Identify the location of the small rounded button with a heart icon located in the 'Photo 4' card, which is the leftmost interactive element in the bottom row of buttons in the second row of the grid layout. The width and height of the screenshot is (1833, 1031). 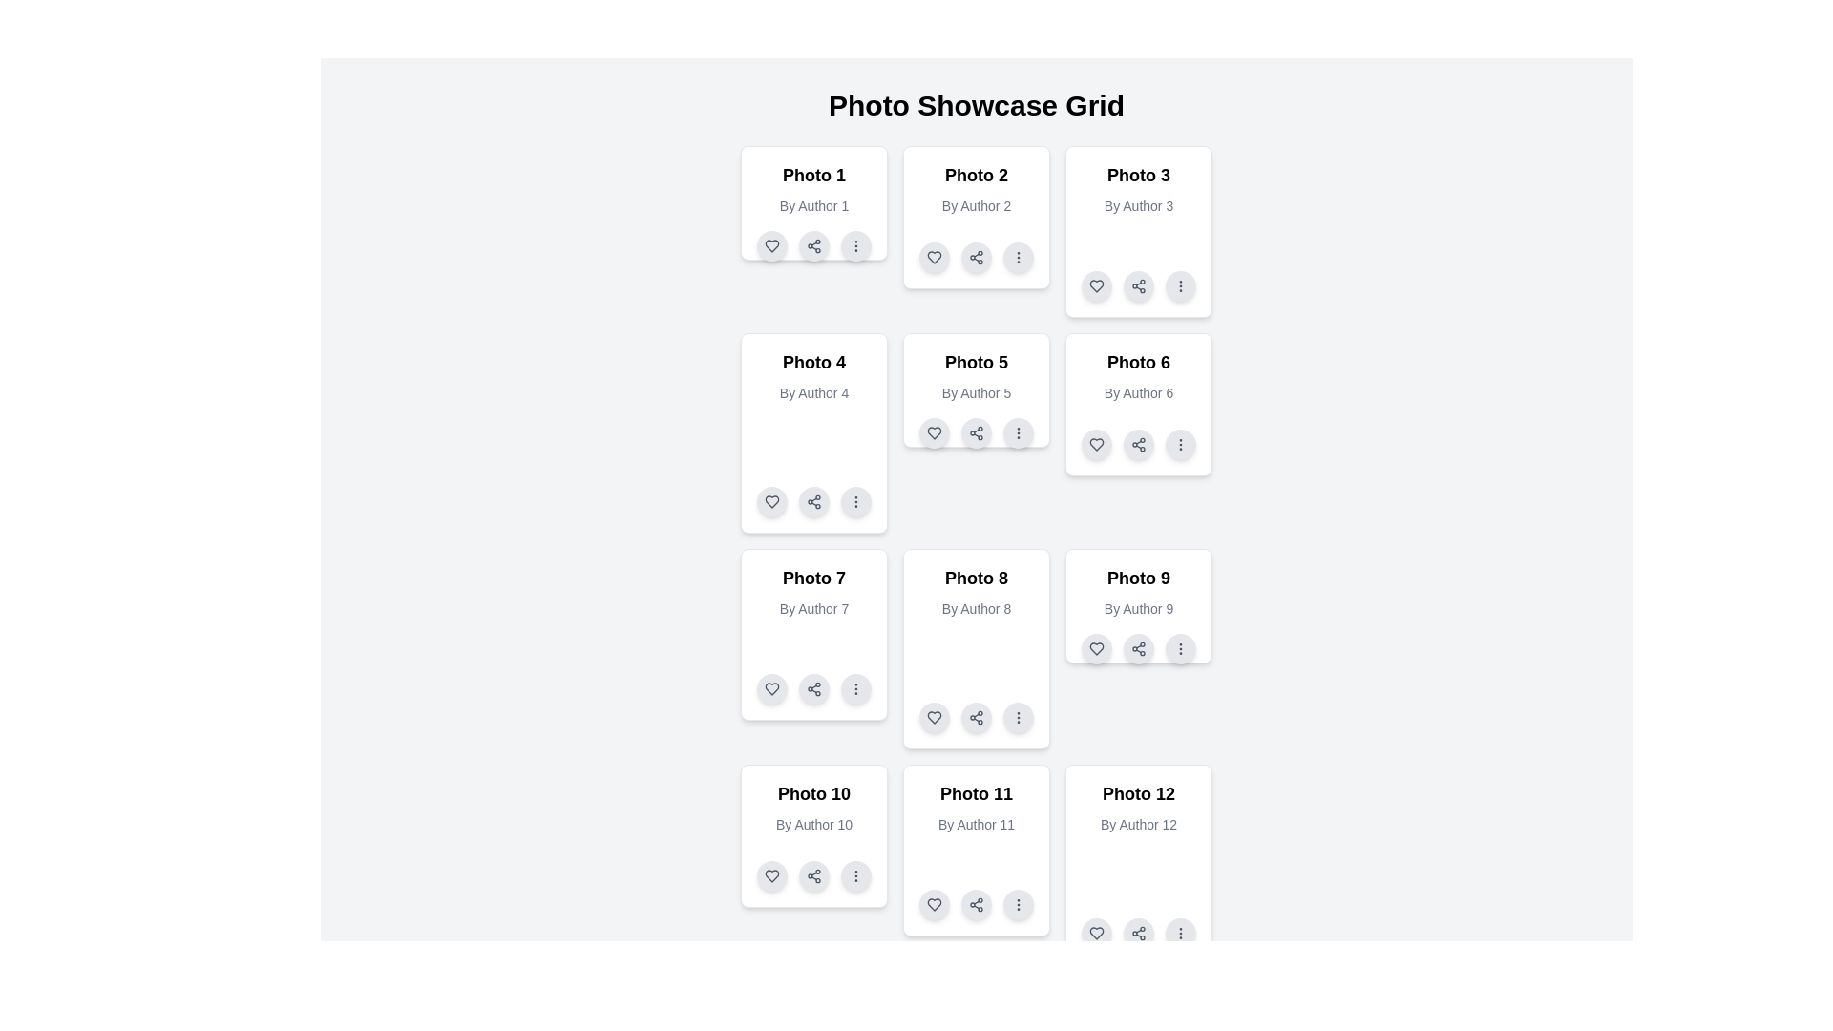
(772, 500).